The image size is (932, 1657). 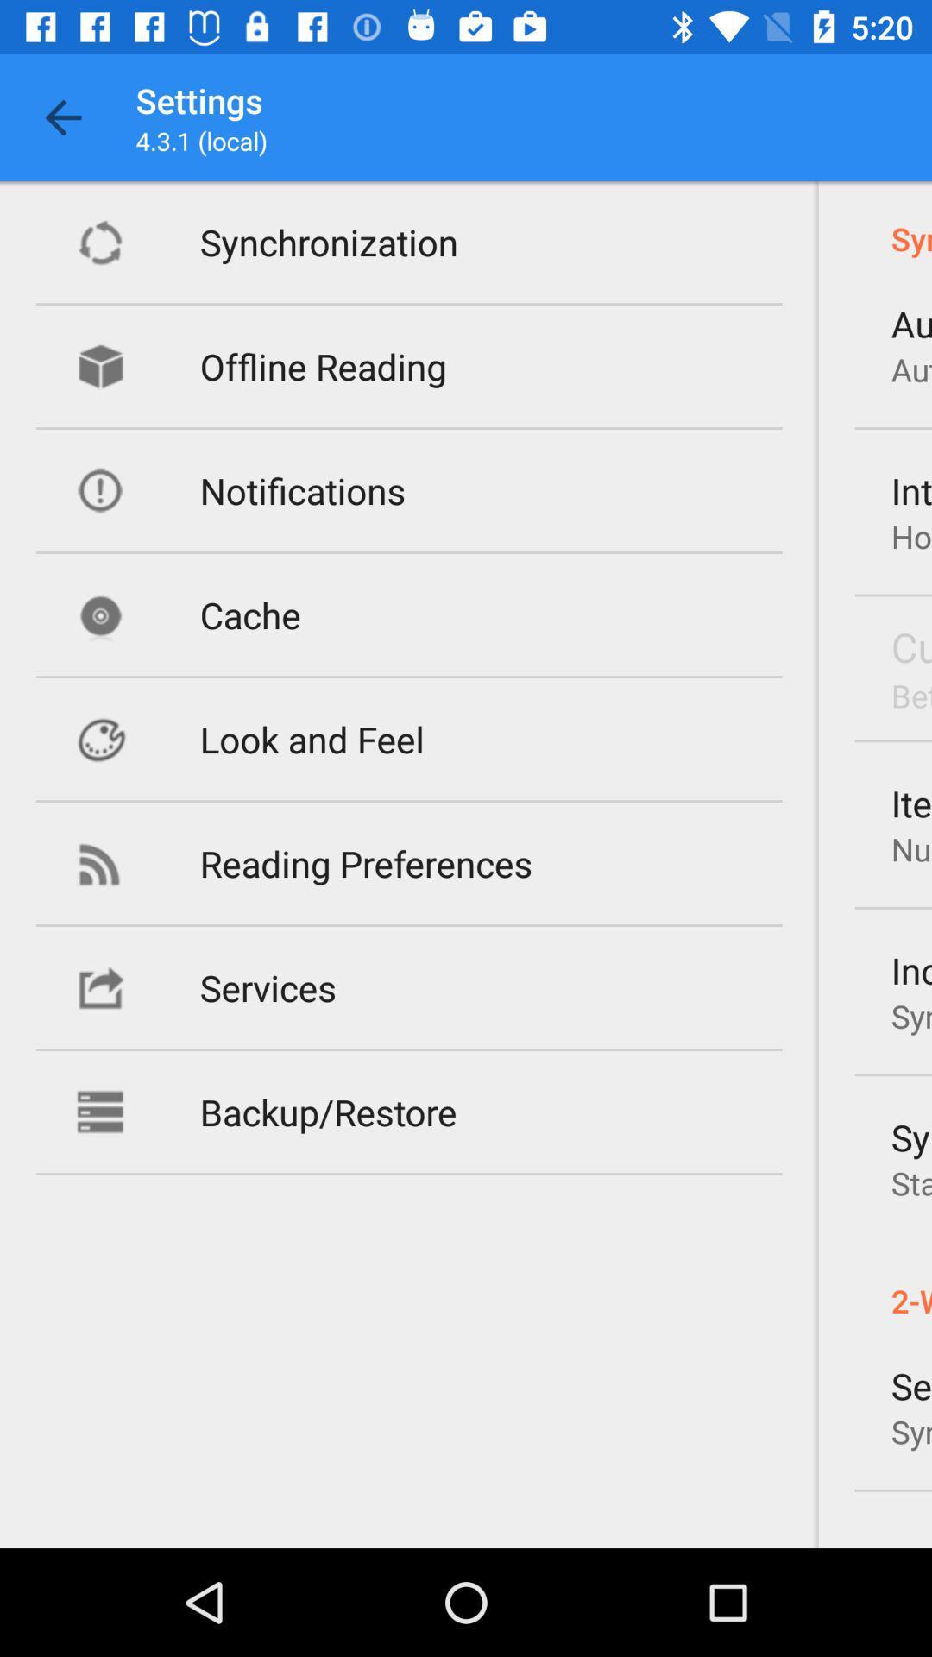 What do you see at coordinates (312, 739) in the screenshot?
I see `the item to the left of the between 0 and icon` at bounding box center [312, 739].